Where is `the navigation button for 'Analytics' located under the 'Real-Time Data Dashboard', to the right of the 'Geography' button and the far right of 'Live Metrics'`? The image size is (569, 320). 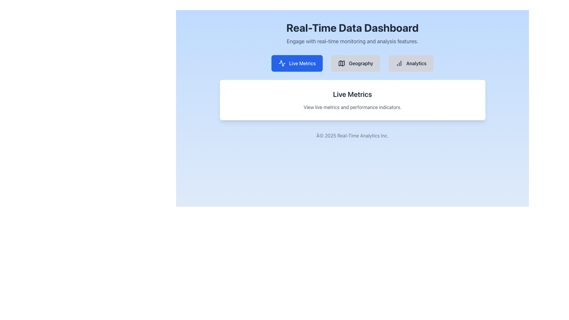
the navigation button for 'Analytics' located under the 'Real-Time Data Dashboard', to the right of the 'Geography' button and the far right of 'Live Metrics' is located at coordinates (411, 63).